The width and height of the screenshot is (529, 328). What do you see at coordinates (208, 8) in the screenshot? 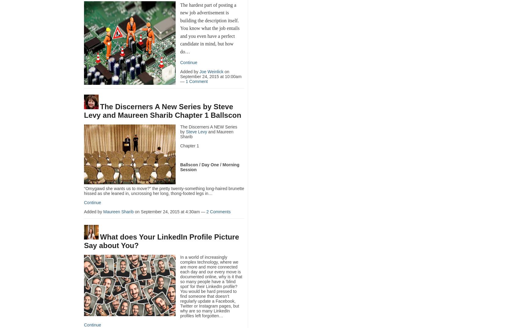
I see `'The hardest part of posting a new job advertisement'` at bounding box center [208, 8].